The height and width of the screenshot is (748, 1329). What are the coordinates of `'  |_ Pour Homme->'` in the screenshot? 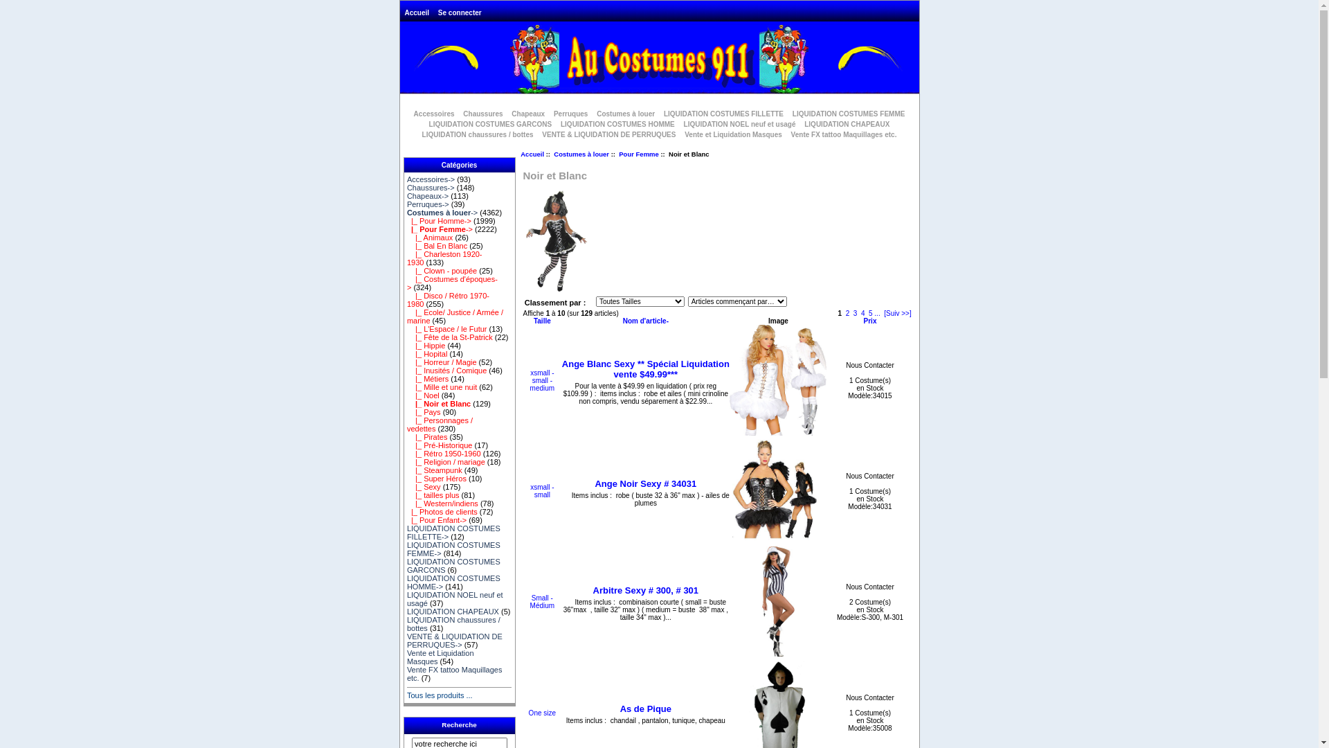 It's located at (438, 220).